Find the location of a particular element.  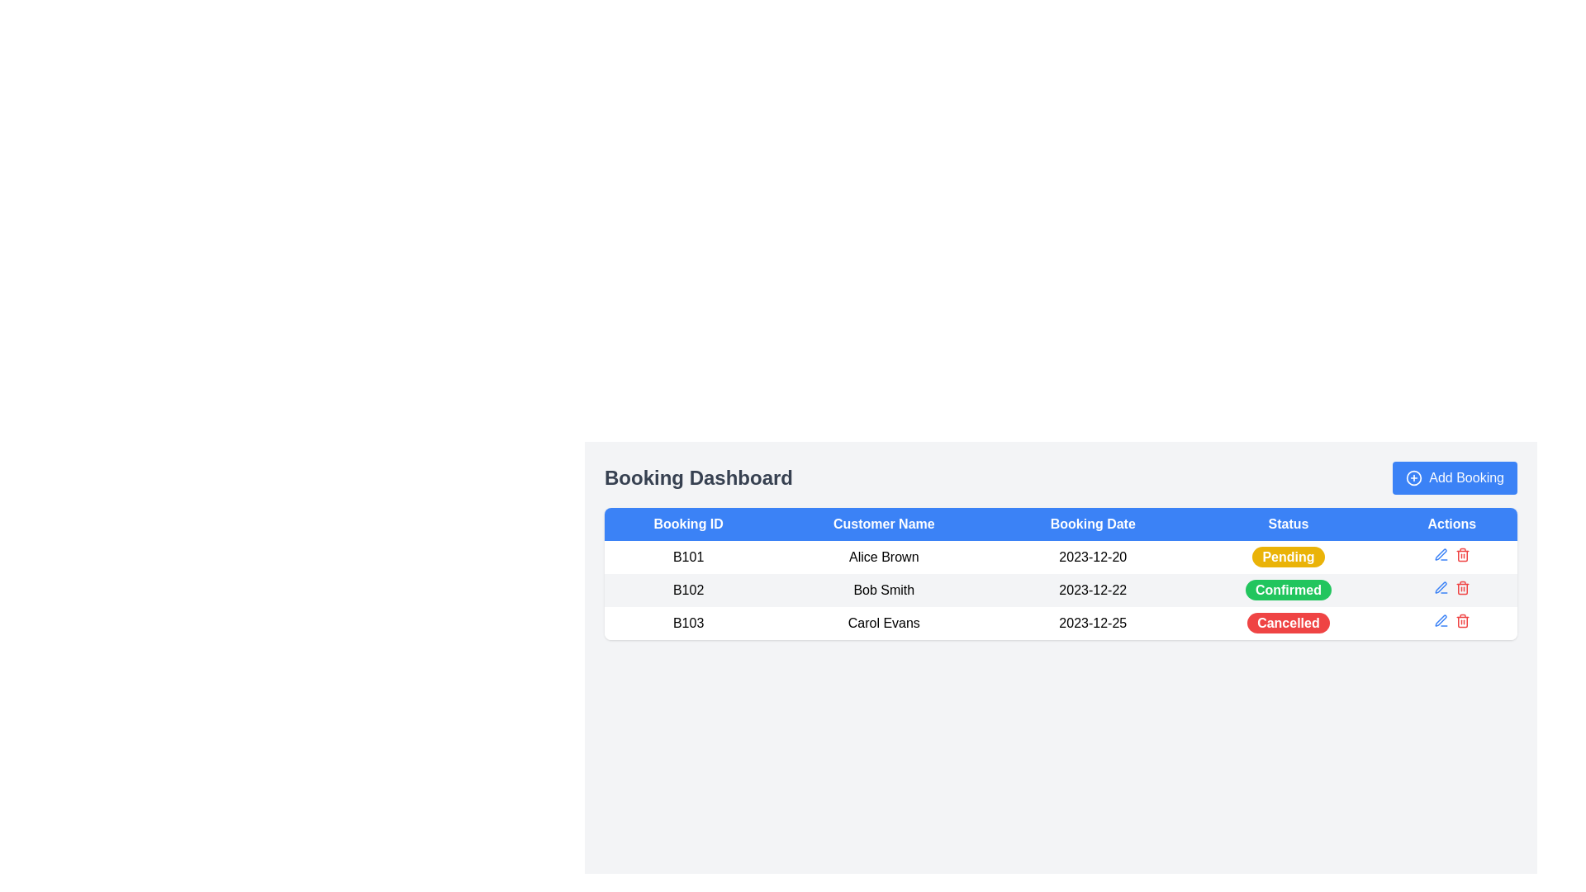

the Icon button with a pen symbol located in the 'Actions' column of the booking dashboard for booking ID 'B101' to enable keyboard navigation is located at coordinates (1440, 554).